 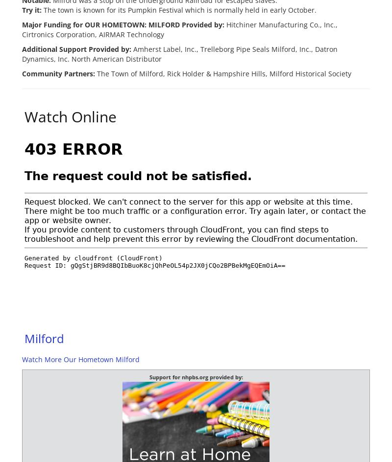 I want to click on 'Hitchiner Manufacturing Co., Inc., Cirtronics Corporation, AIRMAR Technology', so click(x=179, y=29).